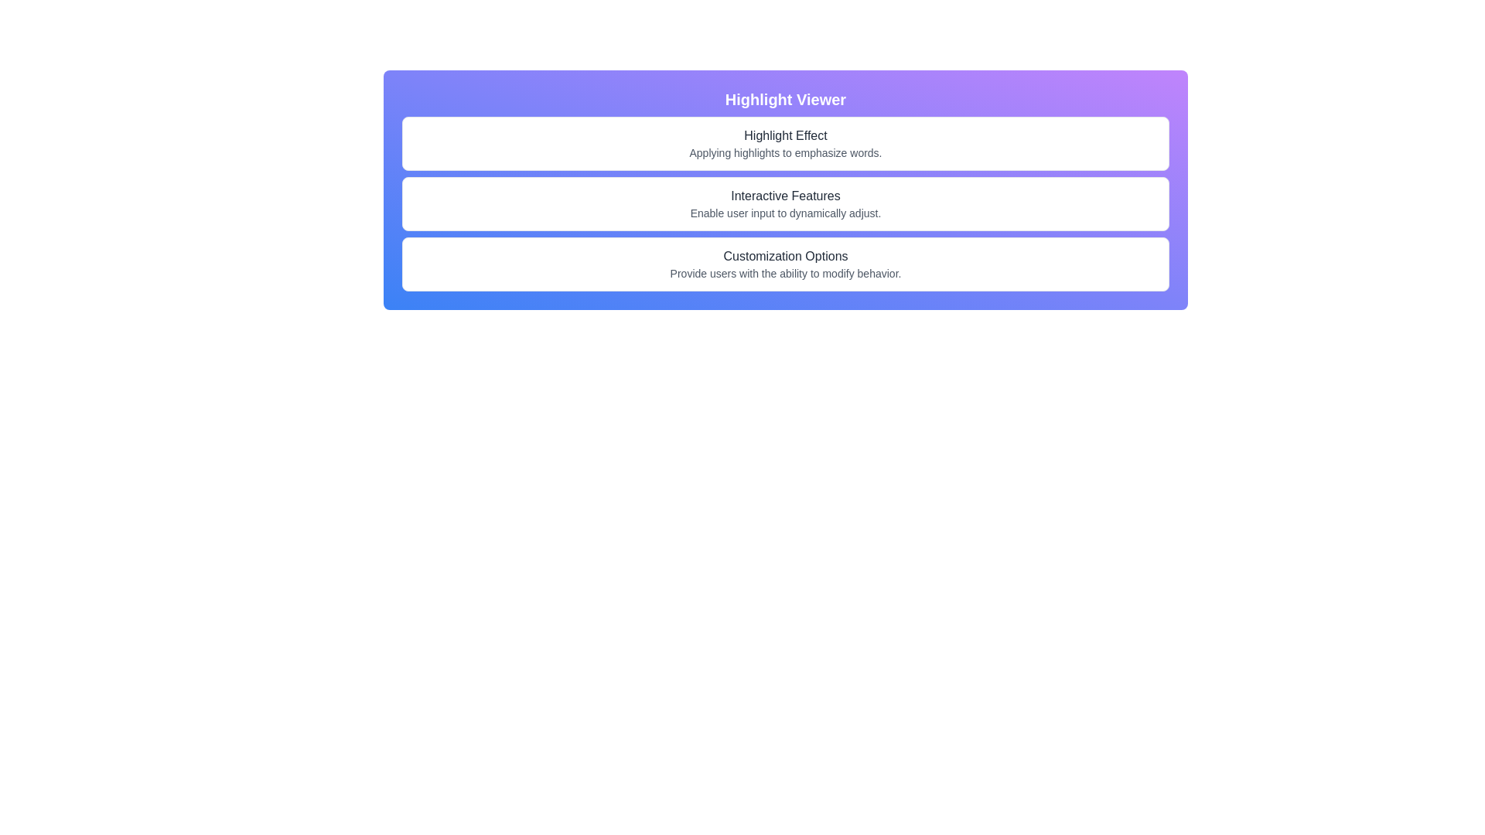 The height and width of the screenshot is (835, 1485). What do you see at coordinates (748, 195) in the screenshot?
I see `the fourth character of the word 'Interactive' in the sentence 'Interactive Features'` at bounding box center [748, 195].